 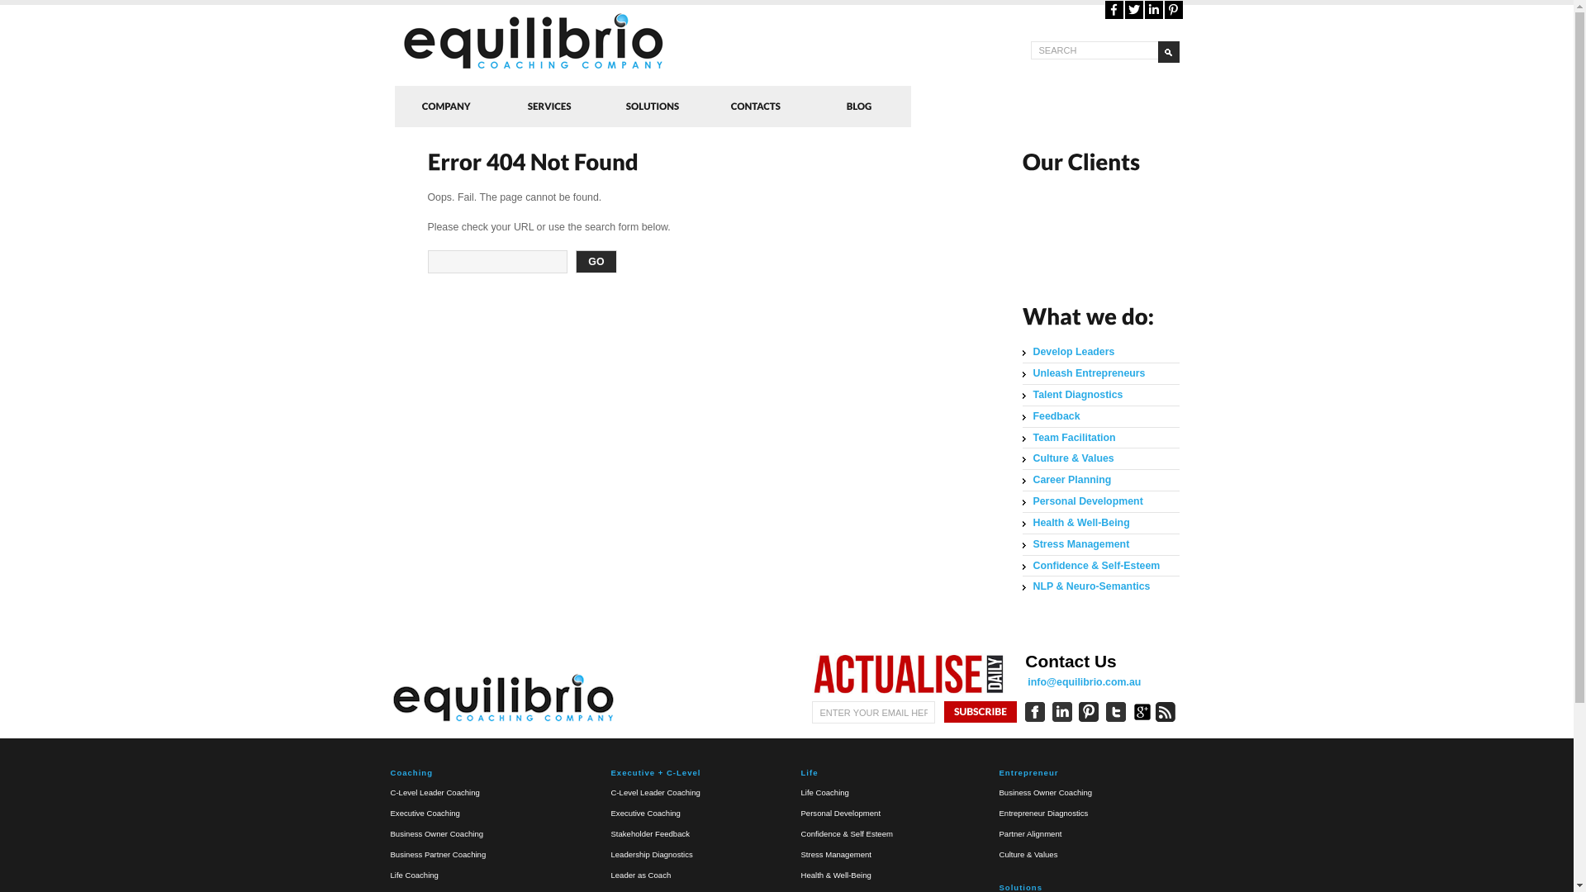 I want to click on 'Confidence & Self Esteem', so click(x=847, y=844).